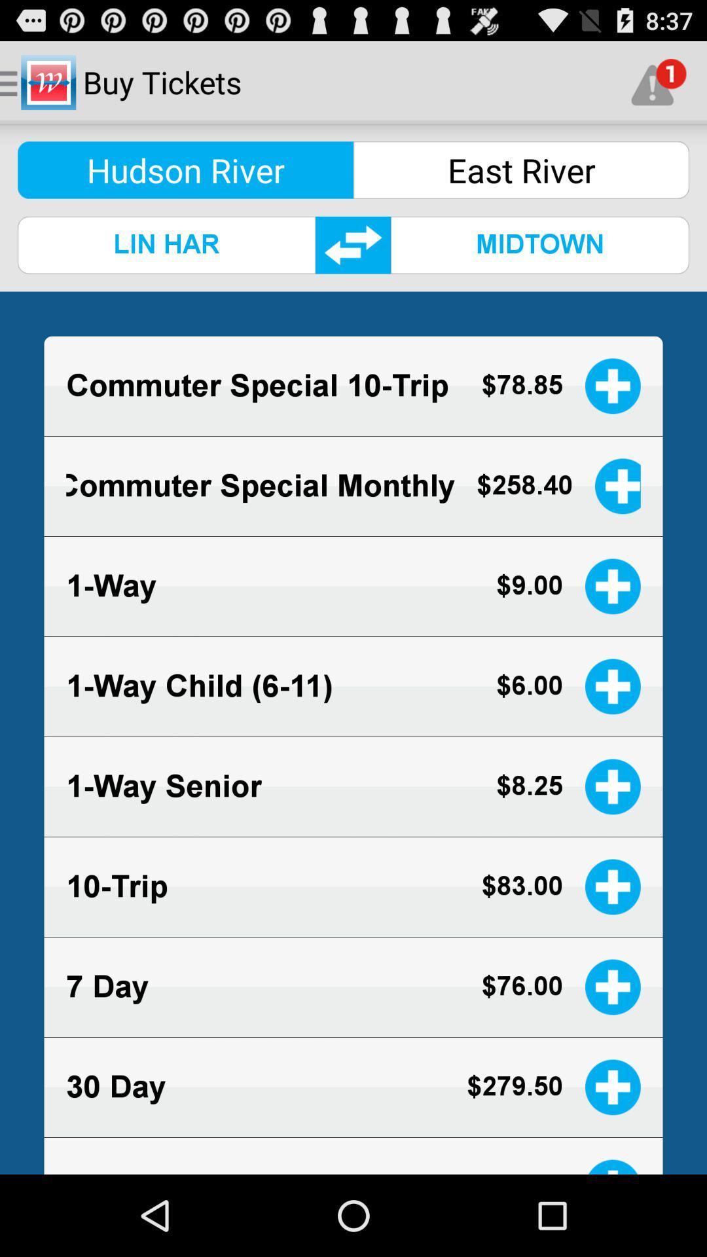 This screenshot has width=707, height=1257. What do you see at coordinates (352, 262) in the screenshot?
I see `the swap icon` at bounding box center [352, 262].